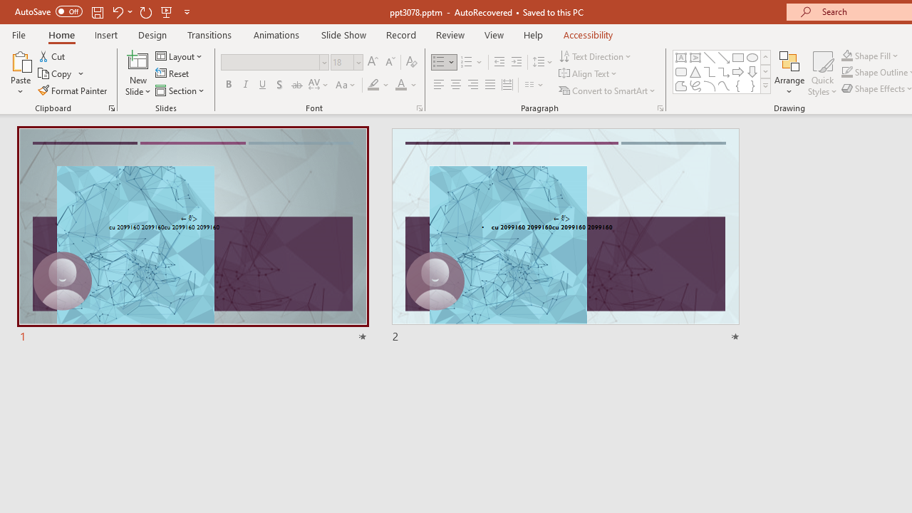 This screenshot has width=912, height=513. I want to click on 'AutomationID: ShapesInsertGallery', so click(722, 71).